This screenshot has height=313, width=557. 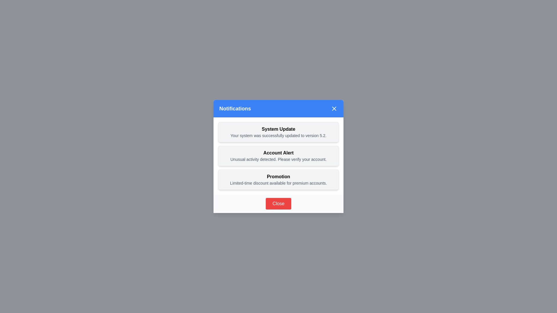 What do you see at coordinates (278, 183) in the screenshot?
I see `text element styled with a smaller font size and muted gray color, containing the message: 'Limited-time discount available for premium accounts.' located below the bolded heading 'Promotion' within a notification card` at bounding box center [278, 183].